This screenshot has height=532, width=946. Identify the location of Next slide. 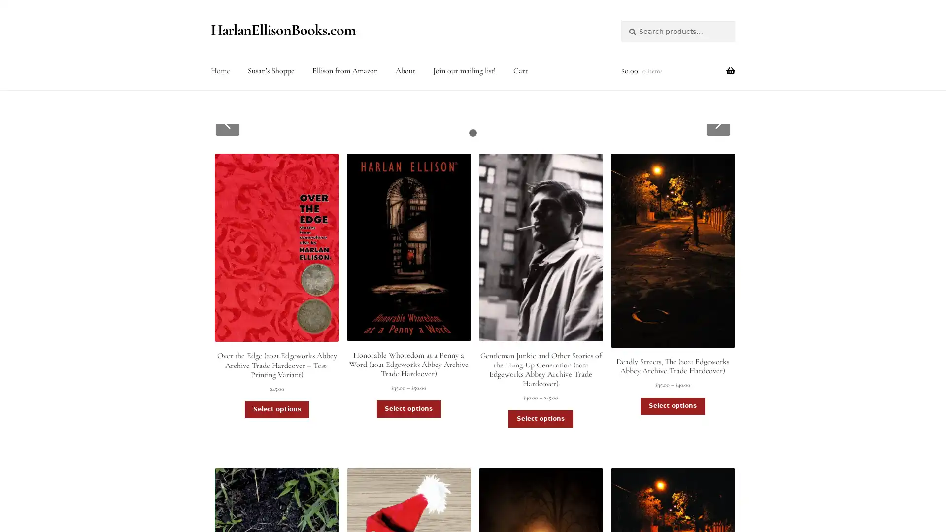
(718, 123).